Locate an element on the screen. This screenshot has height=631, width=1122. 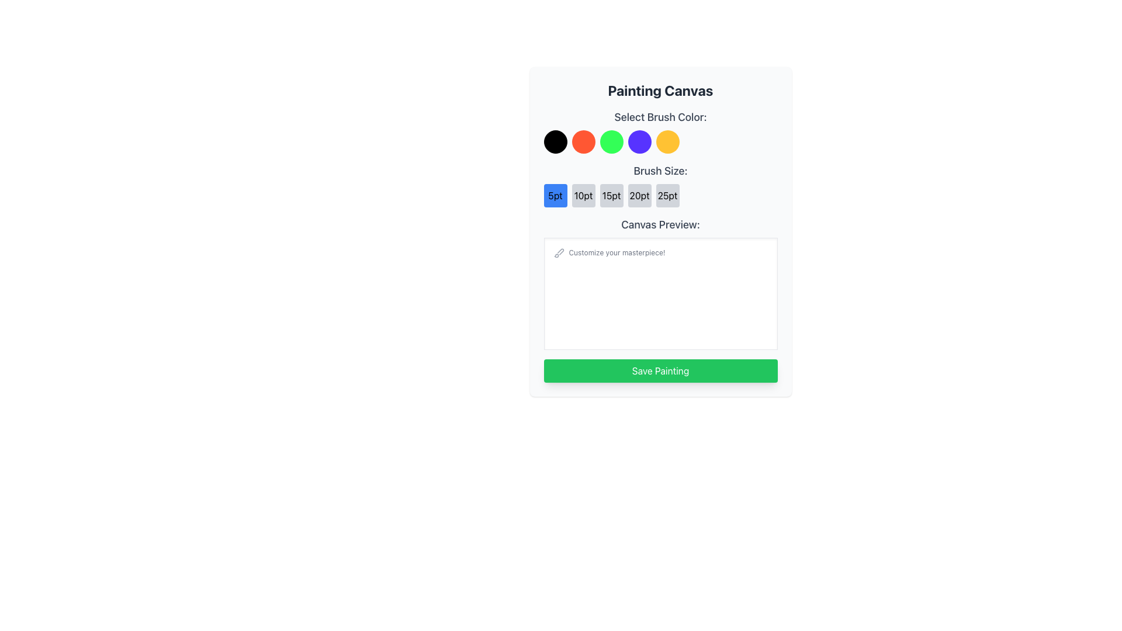
the 'Save Painting' button, which has a green background and white text, to observe the color change effect is located at coordinates (660, 371).